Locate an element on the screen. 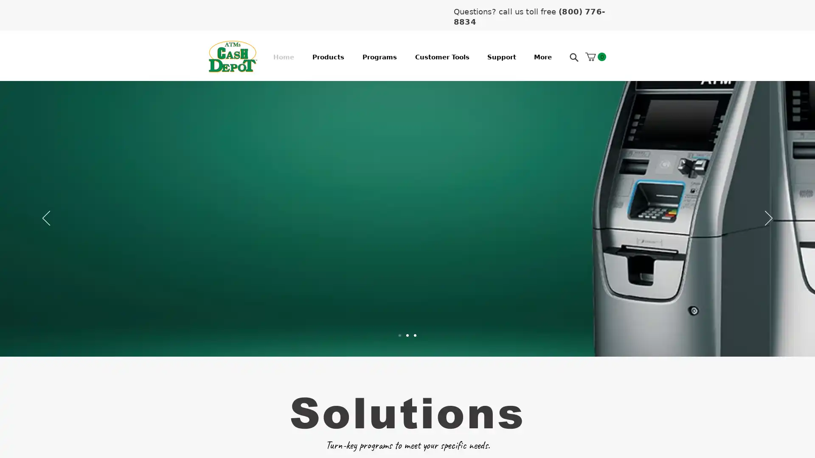 The image size is (815, 458). Next is located at coordinates (768, 218).